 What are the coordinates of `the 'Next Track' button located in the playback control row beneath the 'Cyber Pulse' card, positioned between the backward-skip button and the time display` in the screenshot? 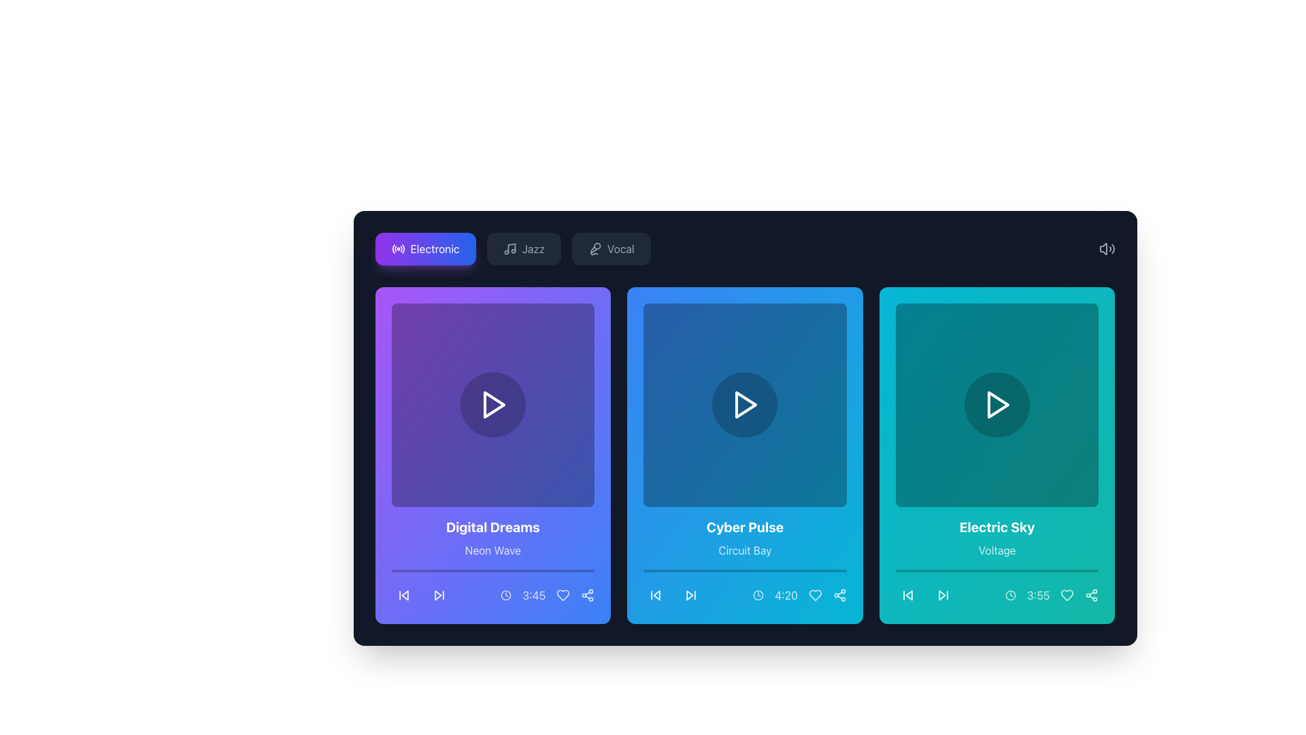 It's located at (691, 594).